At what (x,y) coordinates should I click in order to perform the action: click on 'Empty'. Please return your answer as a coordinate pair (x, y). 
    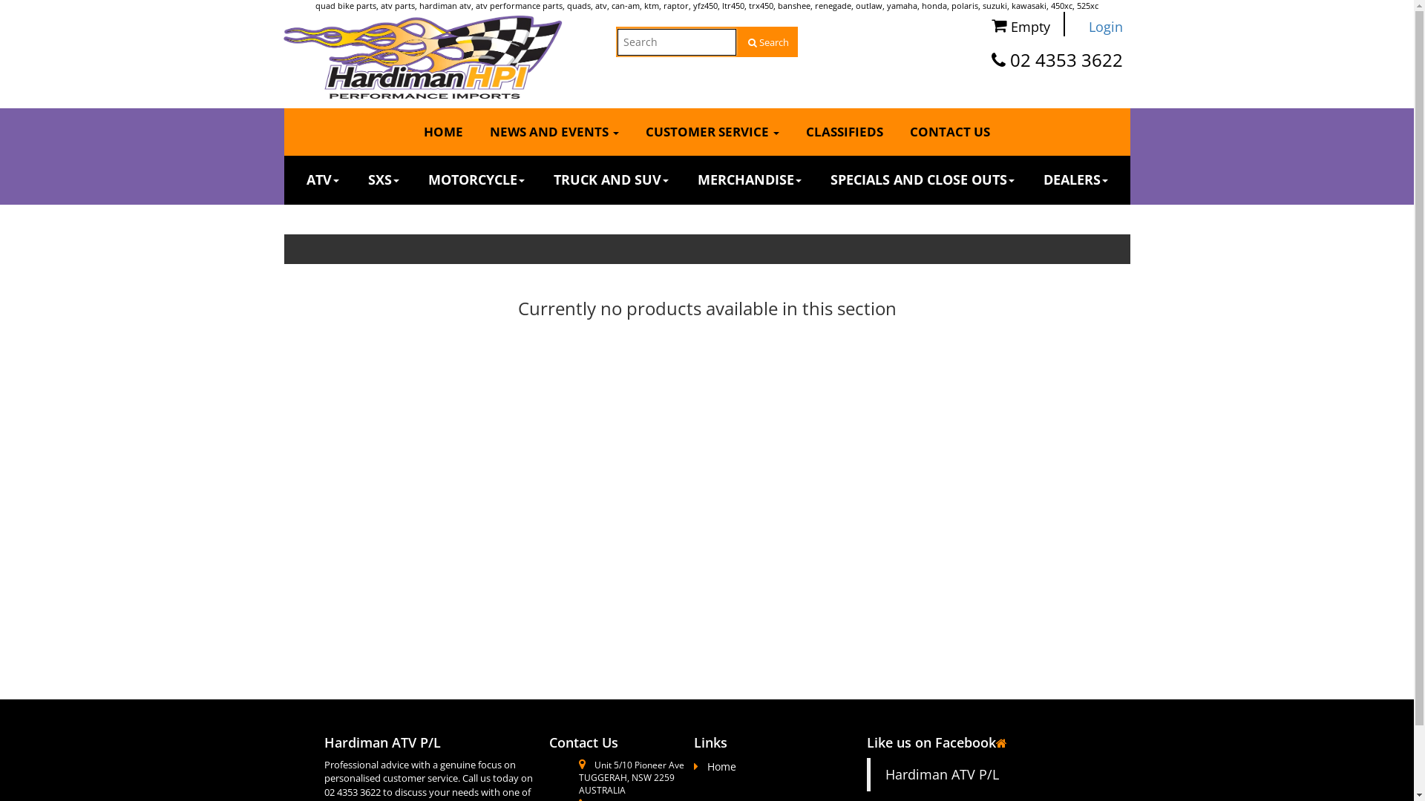
    Looking at the image, I should click on (1018, 22).